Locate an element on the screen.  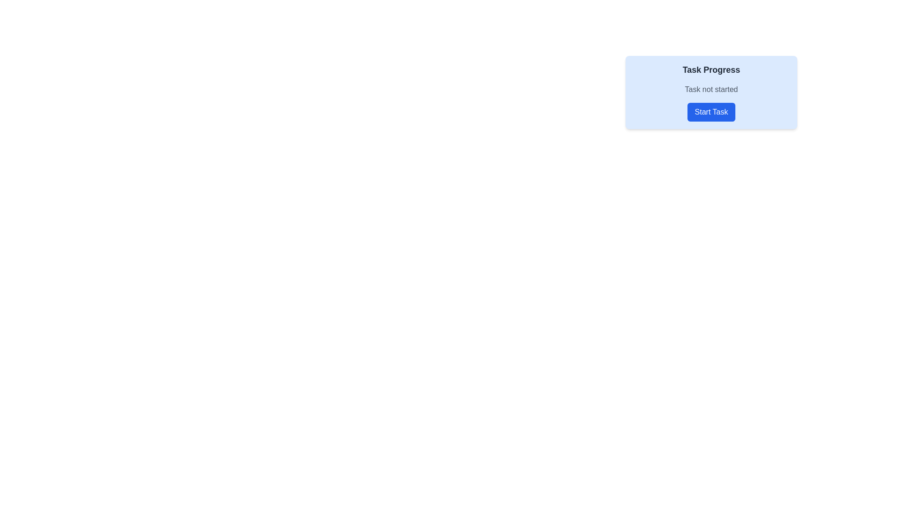
the 'Start Task' button, which is a rectangular button with a blue background and white text, located within the 'Task Progress' card is located at coordinates (711, 112).